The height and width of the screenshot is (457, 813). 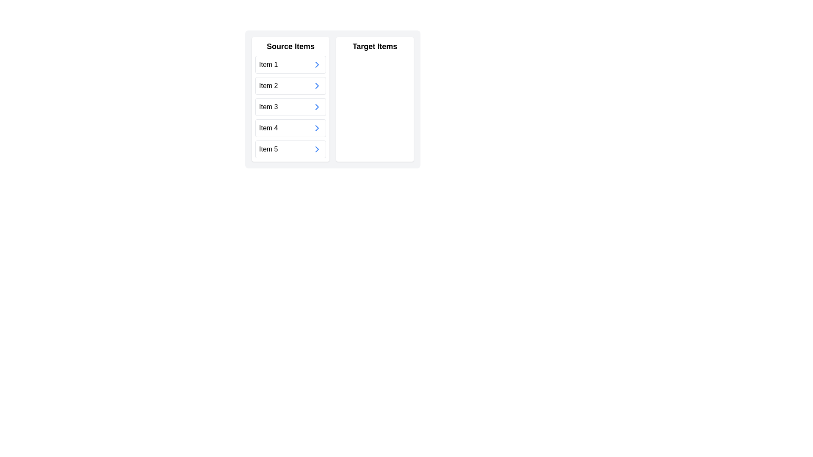 What do you see at coordinates (290, 107) in the screenshot?
I see `the third selectable list item labeled 'Item 3'` at bounding box center [290, 107].